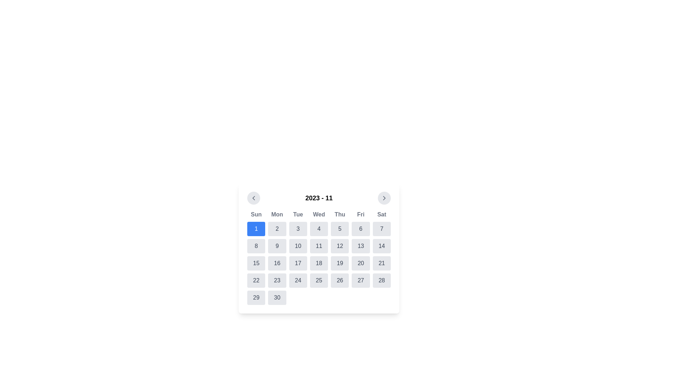 The image size is (689, 387). Describe the element at coordinates (256, 297) in the screenshot. I see `the rounded rectangular button labeled '29' in the bottom row, first column of the calendar grid` at that location.